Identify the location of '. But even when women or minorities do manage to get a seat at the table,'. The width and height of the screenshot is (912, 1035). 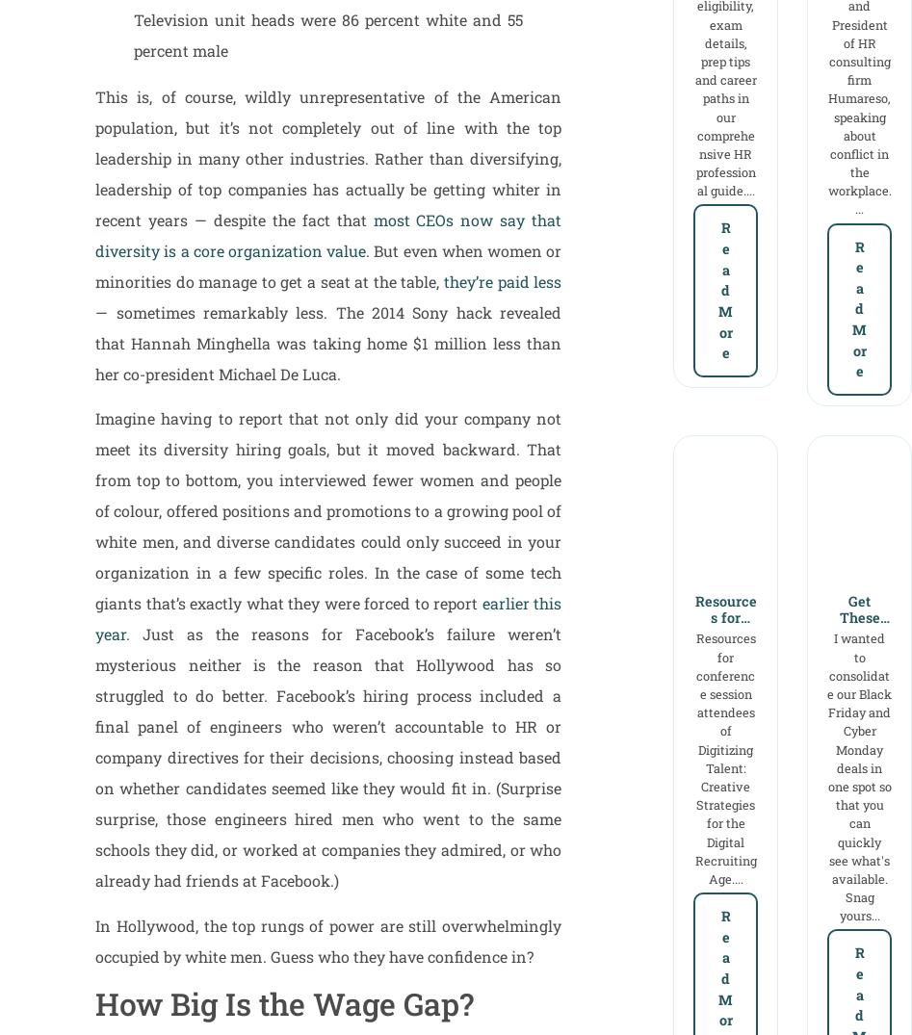
(327, 265).